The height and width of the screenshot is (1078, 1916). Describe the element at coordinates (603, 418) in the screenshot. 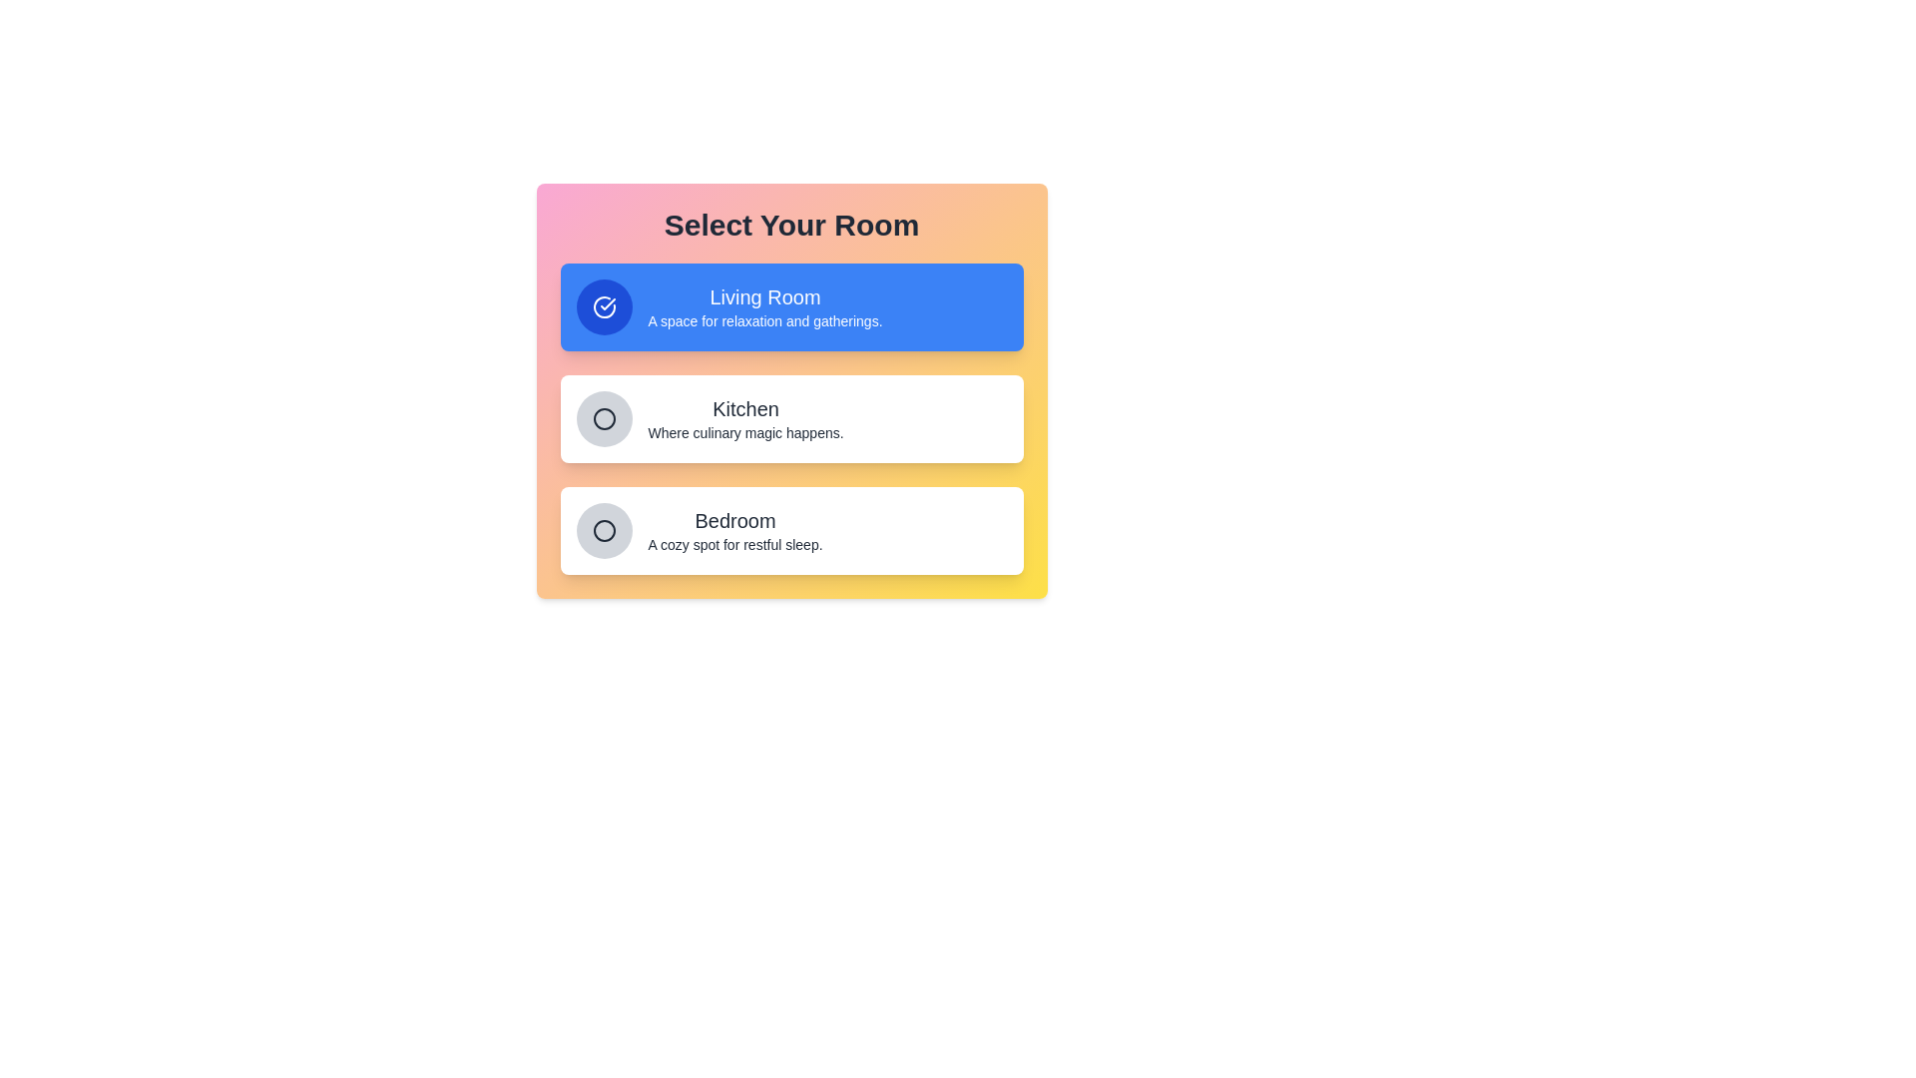

I see `the hollow circle decorative SVG graphic element located next to the 'Kitchen' option in the menu` at that location.